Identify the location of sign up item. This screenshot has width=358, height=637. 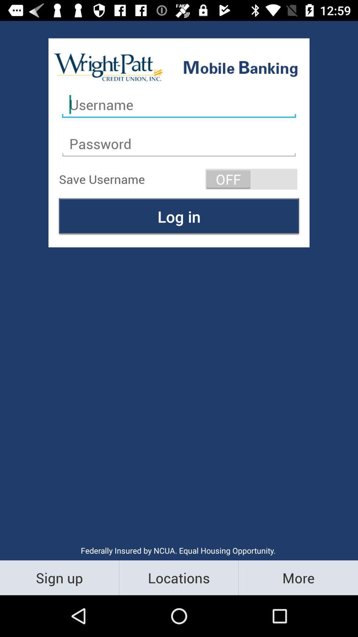
(59, 577).